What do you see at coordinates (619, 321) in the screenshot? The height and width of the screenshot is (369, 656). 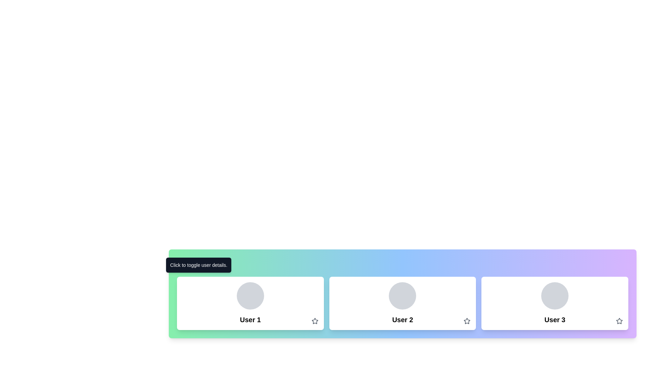 I see `the star-shaped icon located at the bottom-right corner of the 'User 3' card, which features a clean vector design and transitions color on hover` at bounding box center [619, 321].